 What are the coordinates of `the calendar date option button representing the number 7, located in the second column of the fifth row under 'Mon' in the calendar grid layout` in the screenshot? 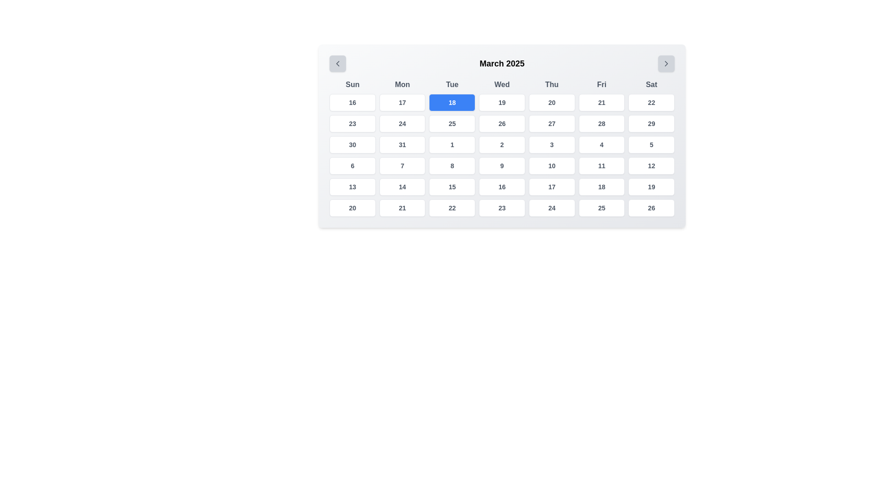 It's located at (402, 166).